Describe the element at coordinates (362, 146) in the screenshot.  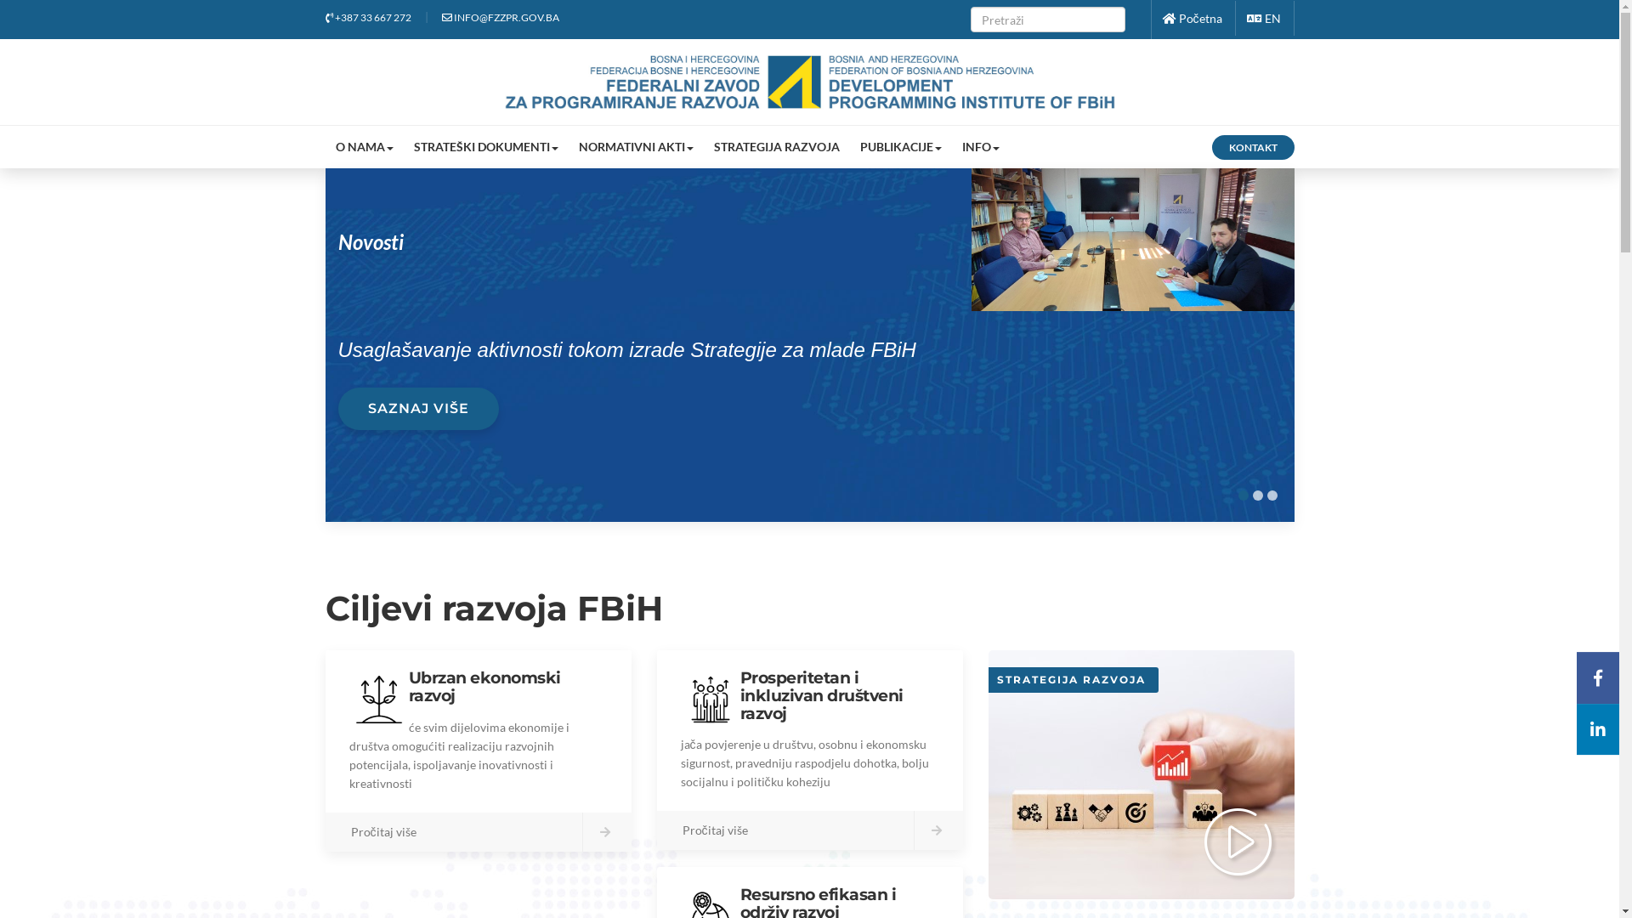
I see `'O NAMA'` at that location.